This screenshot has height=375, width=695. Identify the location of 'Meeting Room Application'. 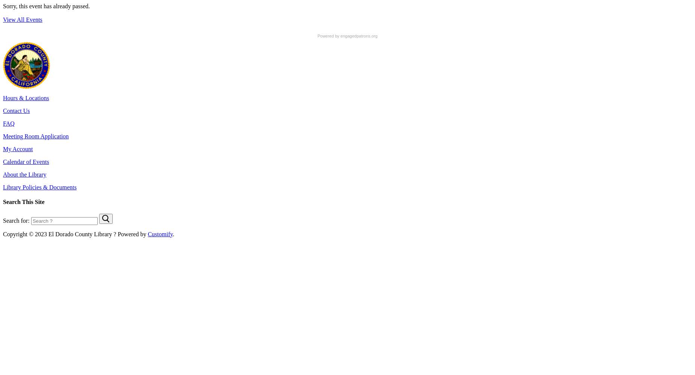
(35, 136).